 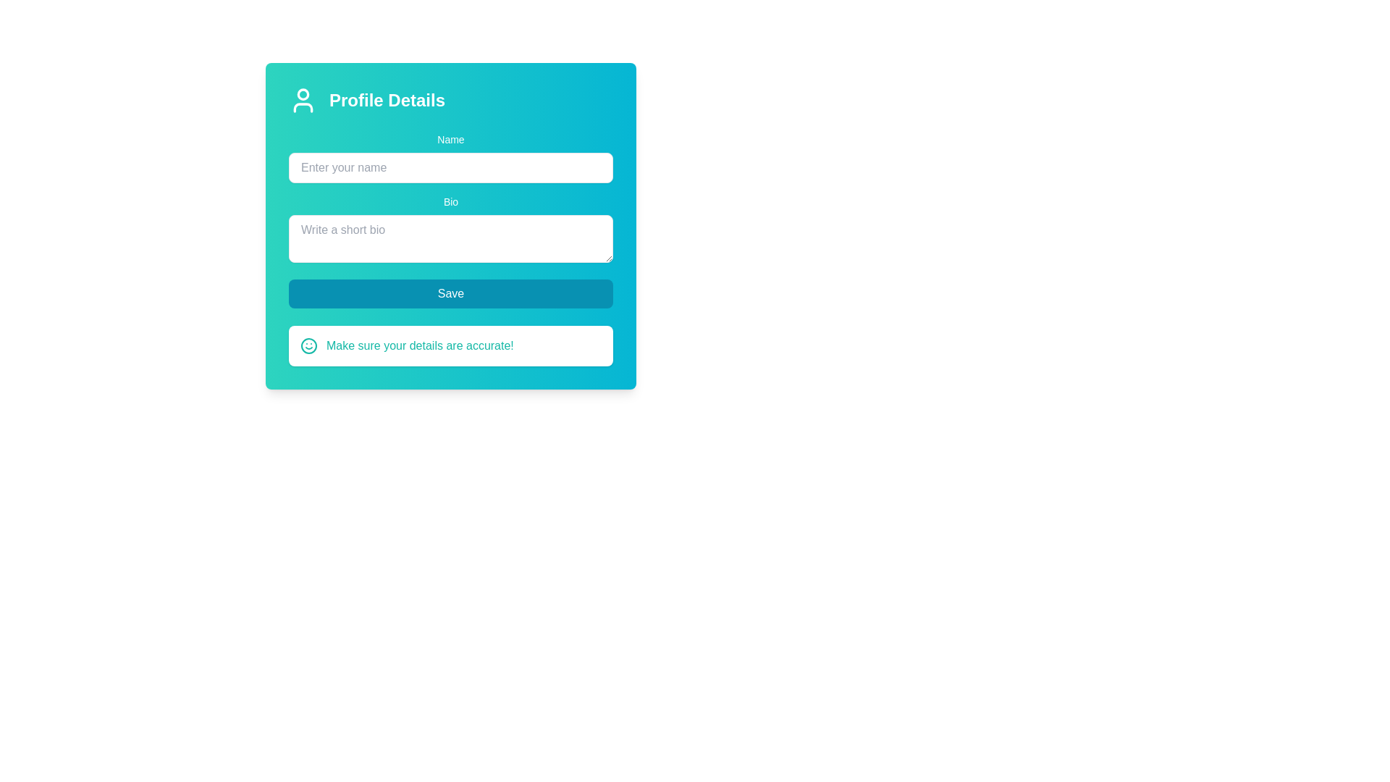 What do you see at coordinates (387, 99) in the screenshot?
I see `the Text Label that serves as a title for the user profile details section, located in the upper right of the interface next to a user silhouette icon` at bounding box center [387, 99].